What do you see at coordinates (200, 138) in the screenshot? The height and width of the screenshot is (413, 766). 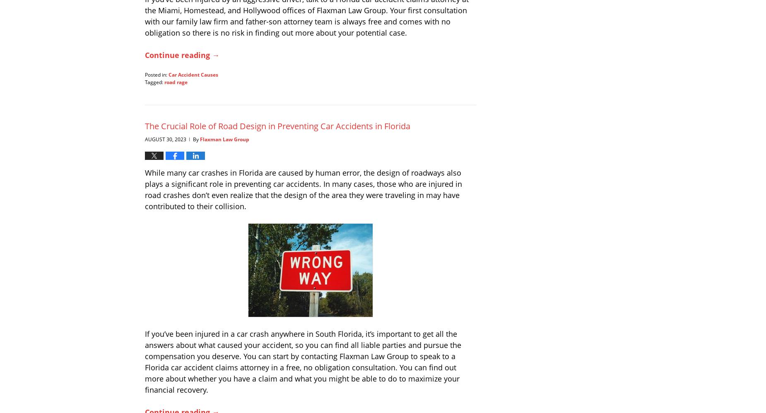 I see `'Flaxman Law Group'` at bounding box center [200, 138].